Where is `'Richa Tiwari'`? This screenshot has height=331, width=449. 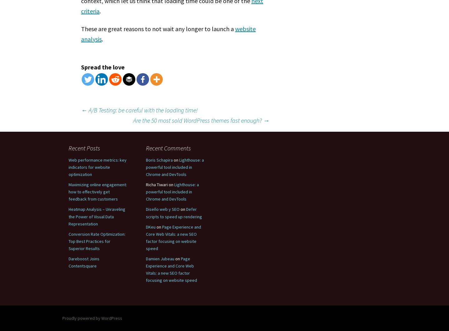
'Richa Tiwari' is located at coordinates (156, 184).